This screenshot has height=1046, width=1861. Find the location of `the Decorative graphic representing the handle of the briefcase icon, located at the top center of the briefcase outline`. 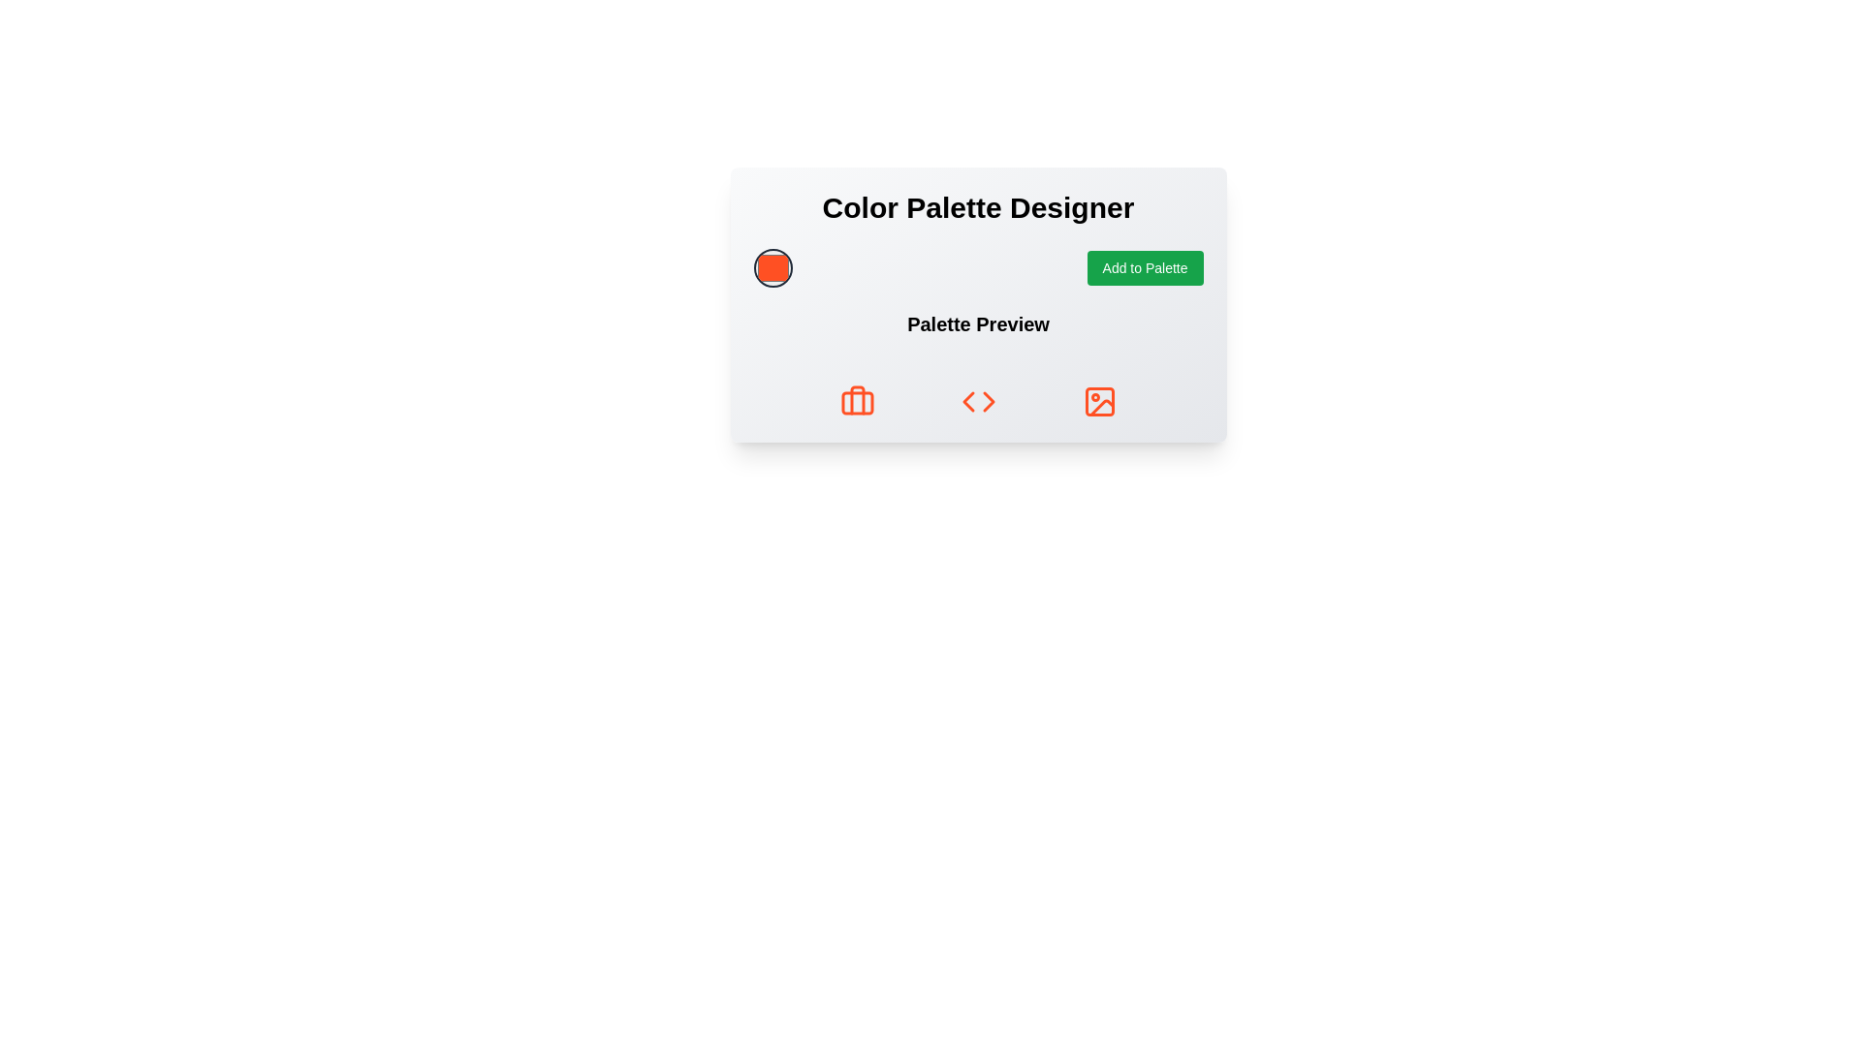

the Decorative graphic representing the handle of the briefcase icon, located at the top center of the briefcase outline is located at coordinates (856, 399).